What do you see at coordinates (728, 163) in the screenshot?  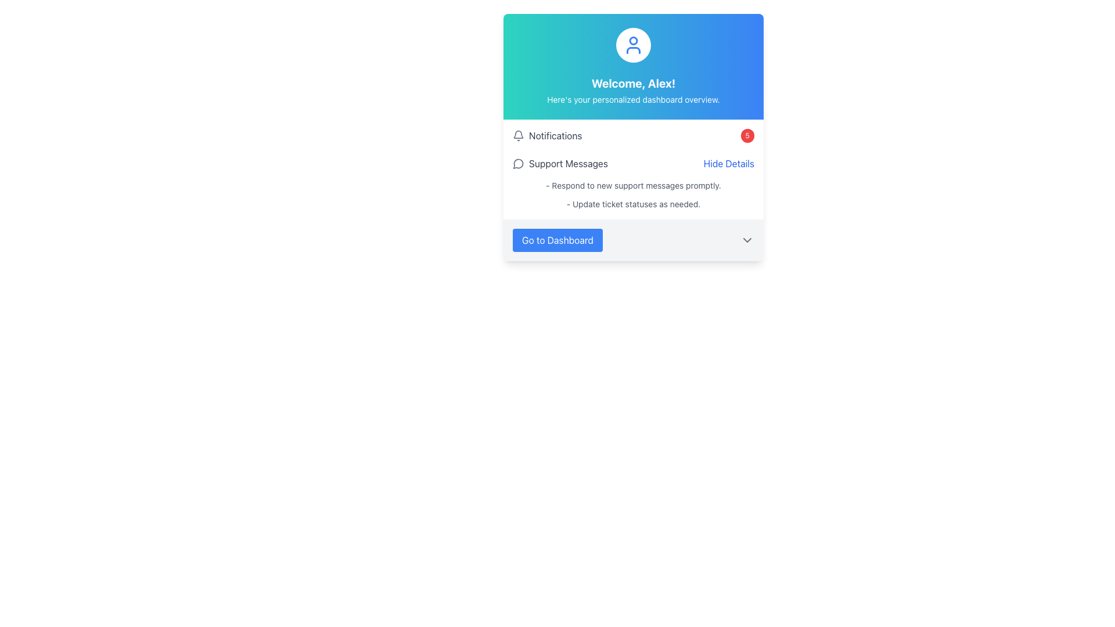 I see `the 'Hide Details' text link, which is styled in blue and underlined, located in the 'Support Messages' section` at bounding box center [728, 163].